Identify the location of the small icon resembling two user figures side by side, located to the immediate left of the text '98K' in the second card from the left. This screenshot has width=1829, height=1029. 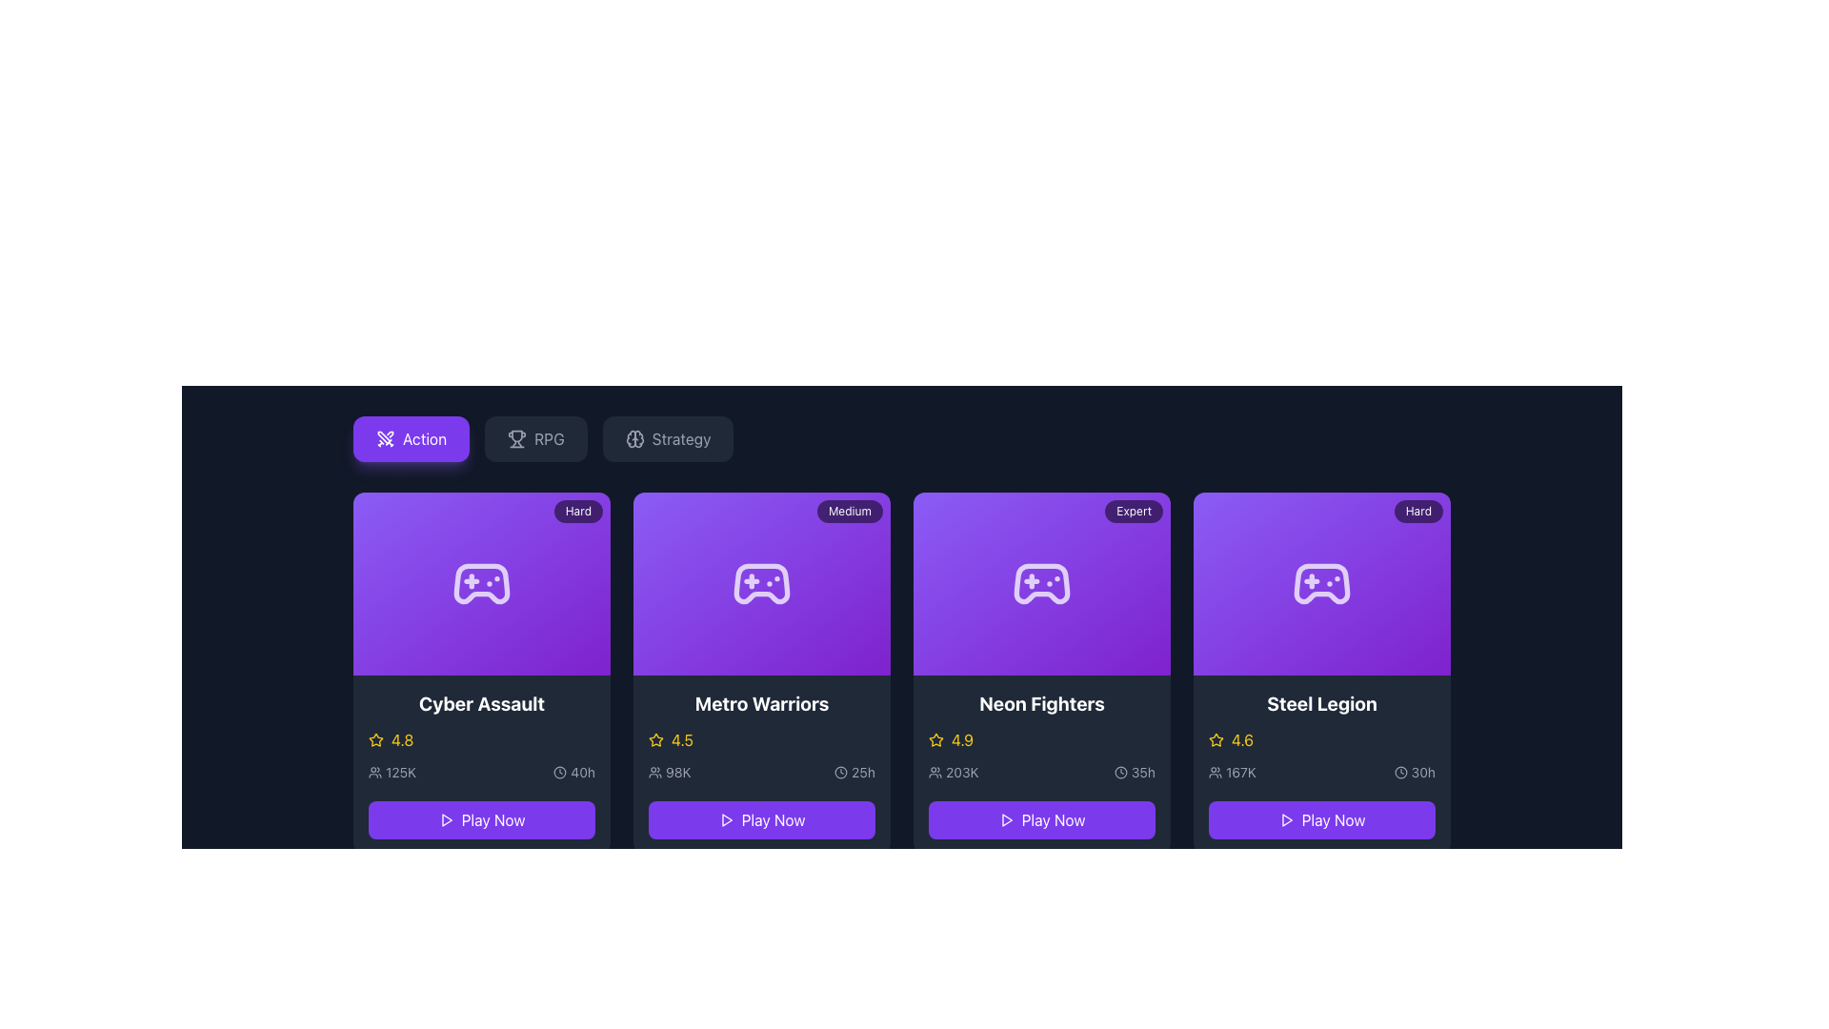
(654, 772).